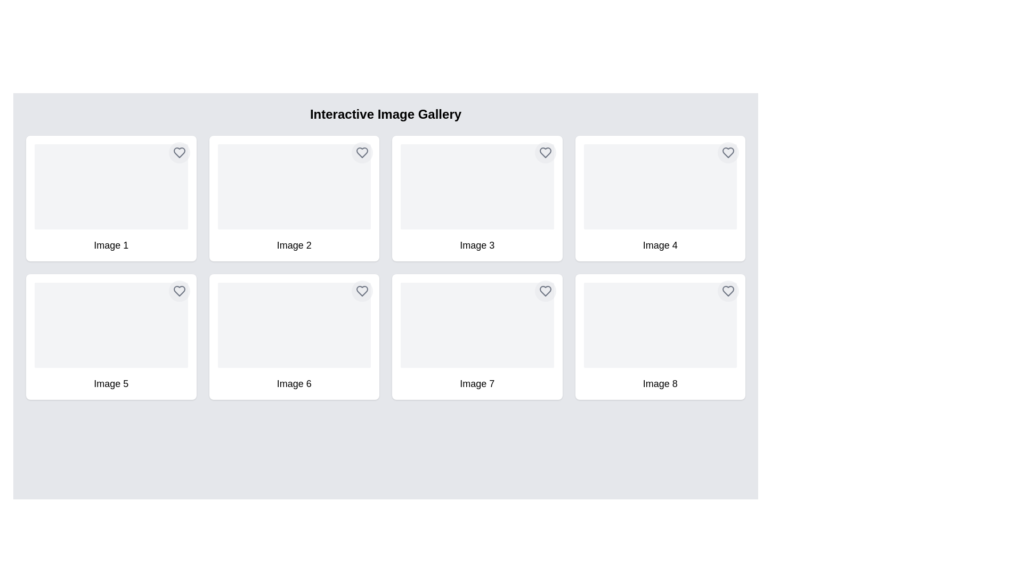  Describe the element at coordinates (545, 152) in the screenshot. I see `the circular Icon button with a heart-shaped icon located` at that location.